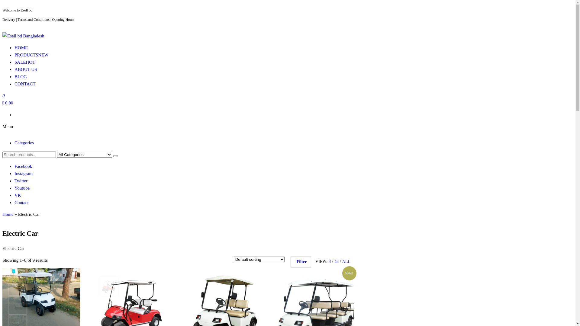  I want to click on 'Contact', so click(21, 203).